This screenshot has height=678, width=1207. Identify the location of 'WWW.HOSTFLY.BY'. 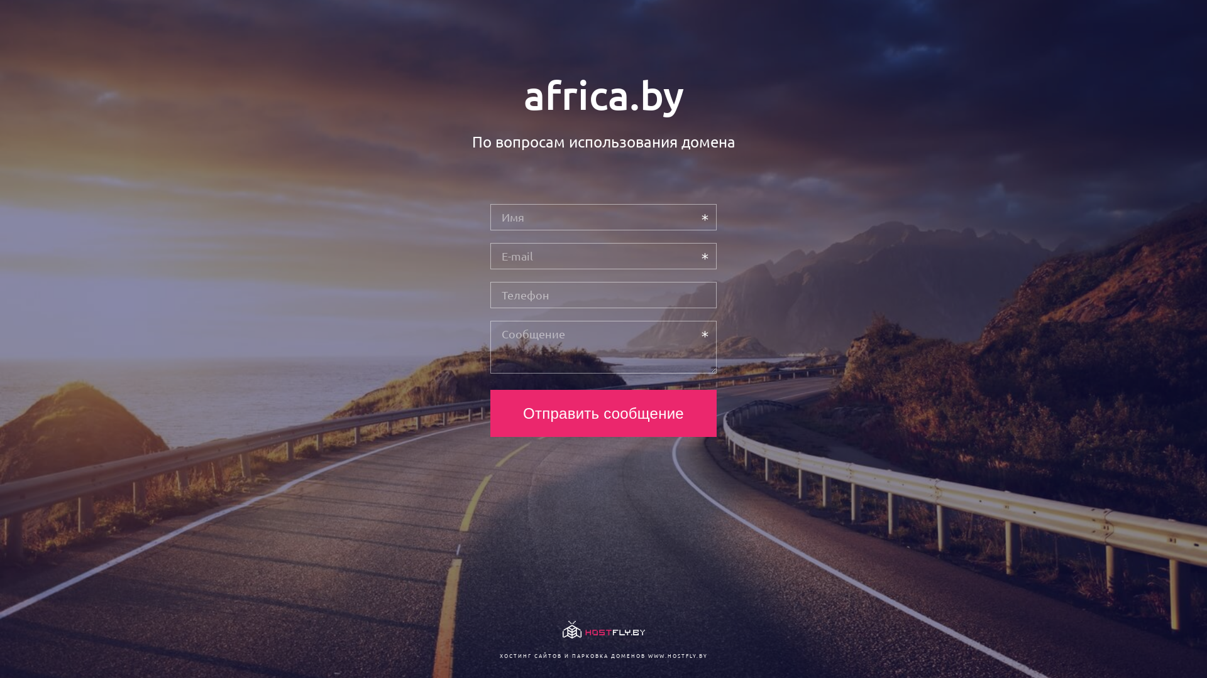
(676, 655).